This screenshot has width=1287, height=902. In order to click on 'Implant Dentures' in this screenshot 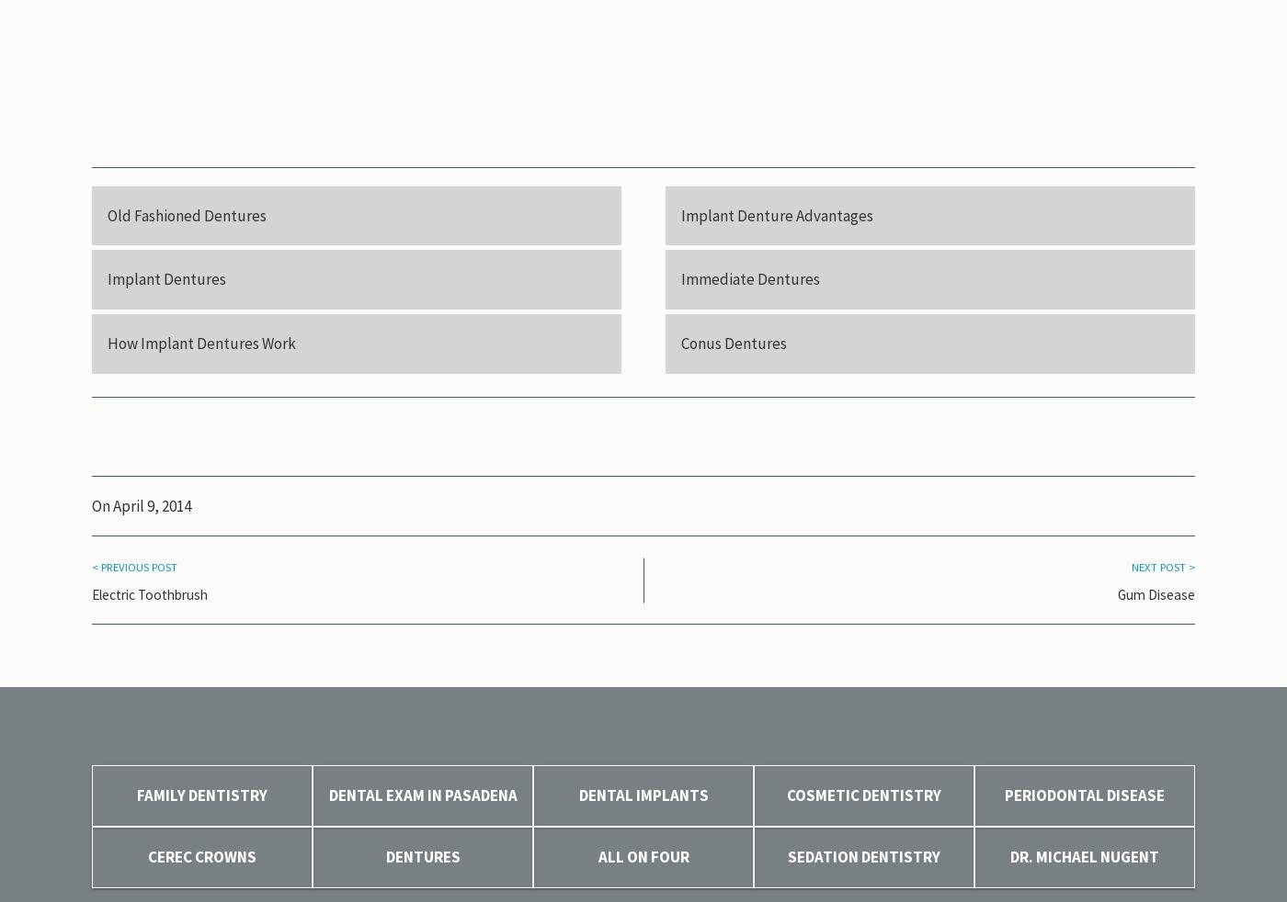, I will do `click(166, 279)`.